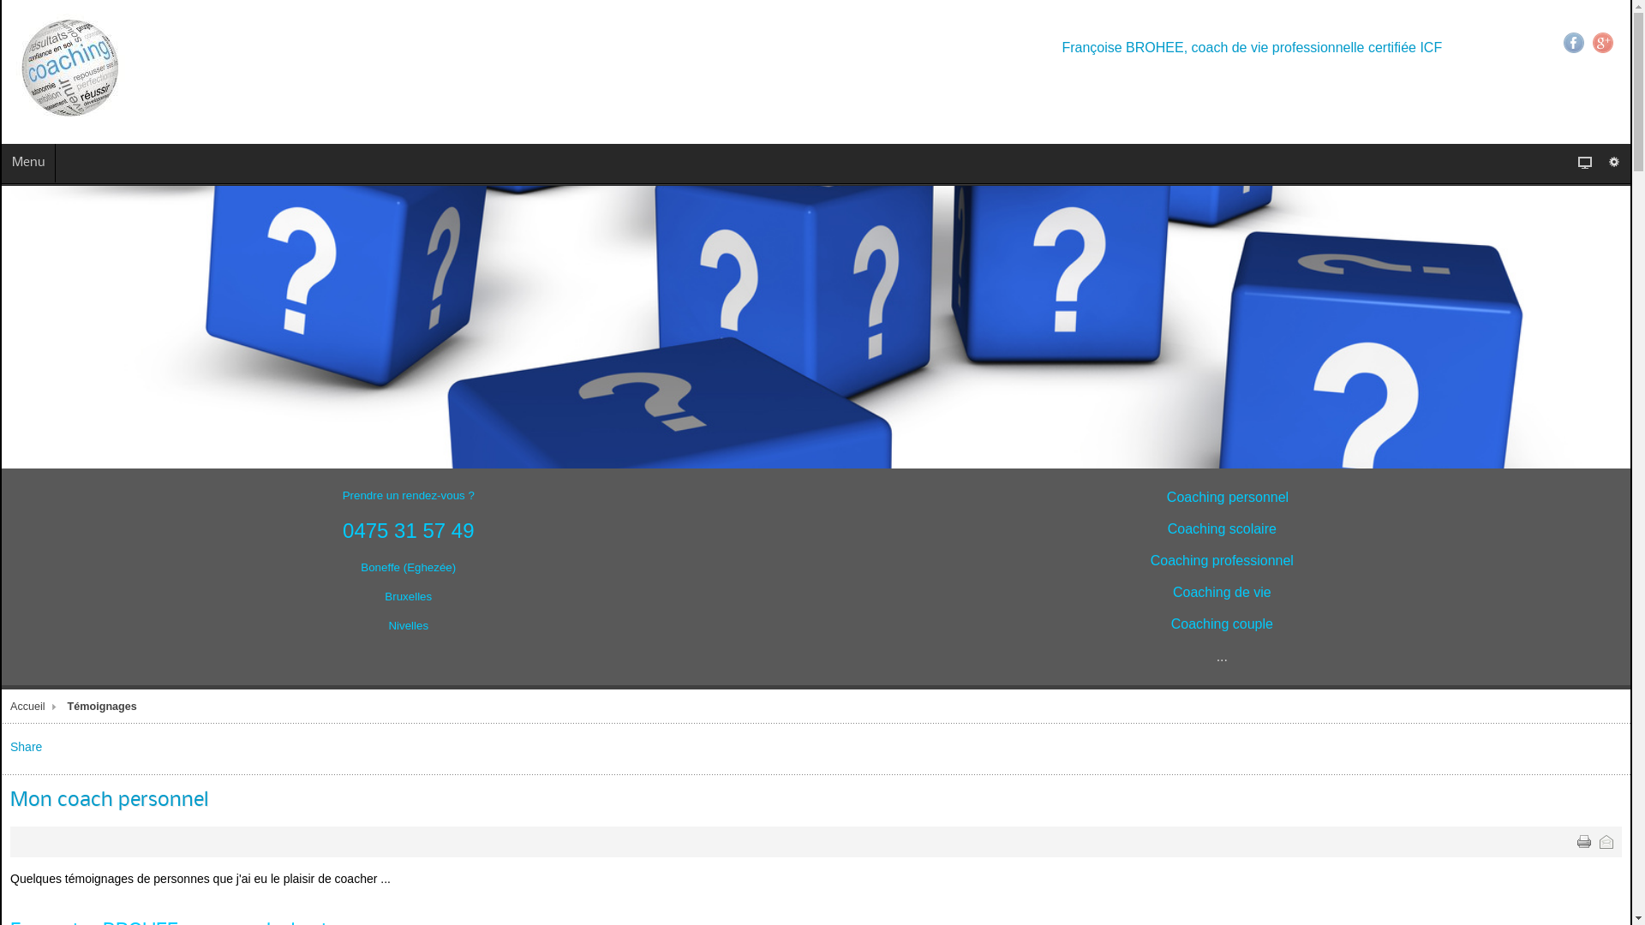  Describe the element at coordinates (35, 707) in the screenshot. I see `'Accueil'` at that location.